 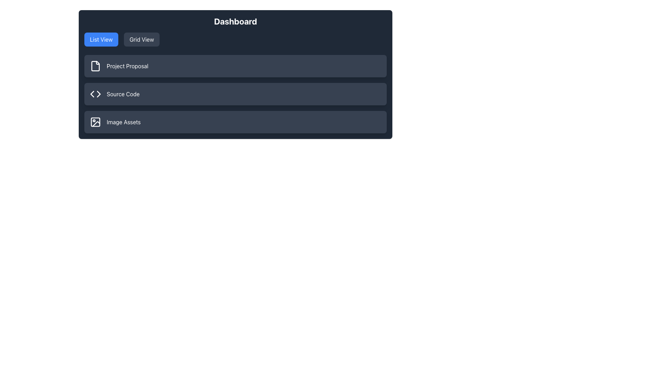 I want to click on the 'Project Proposal' text label, so click(x=127, y=66).